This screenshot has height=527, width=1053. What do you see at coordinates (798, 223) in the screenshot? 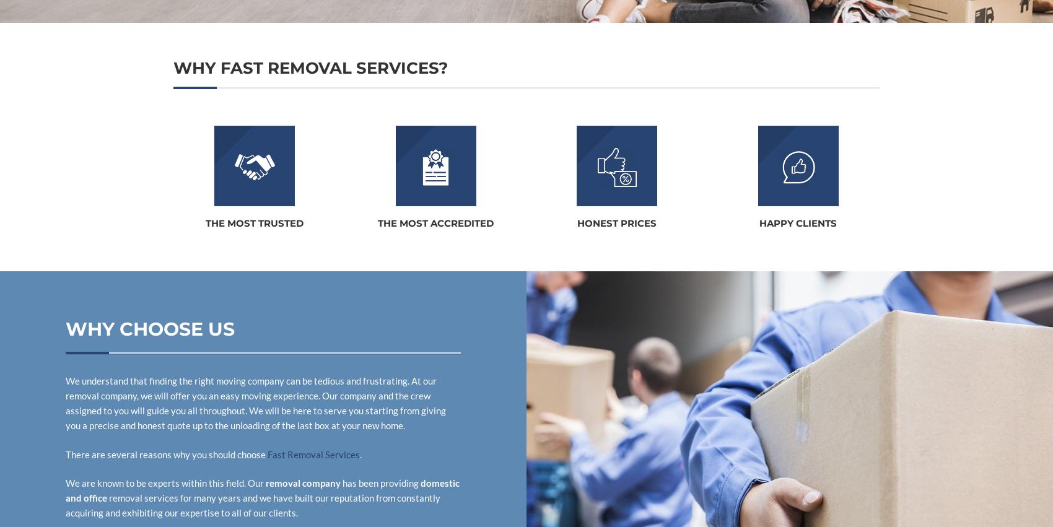
I see `'HAPPY CLIENTS'` at bounding box center [798, 223].